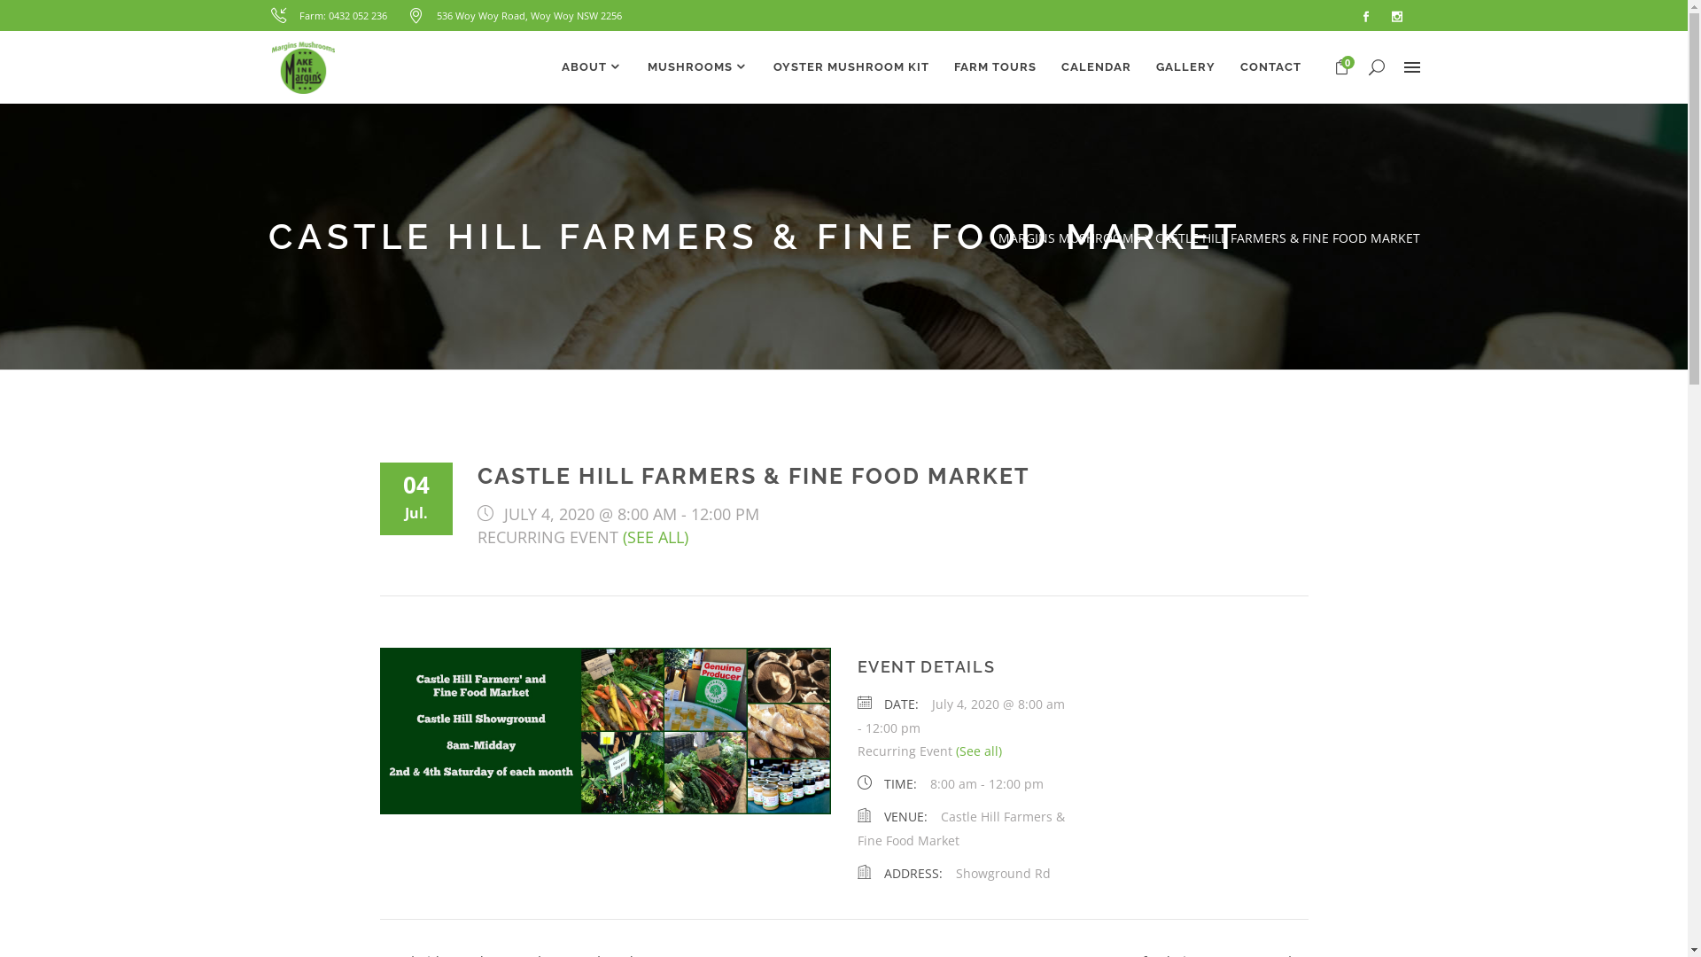 This screenshot has width=1701, height=957. What do you see at coordinates (998, 237) in the screenshot?
I see `'MARGINS MUSHROOMS'` at bounding box center [998, 237].